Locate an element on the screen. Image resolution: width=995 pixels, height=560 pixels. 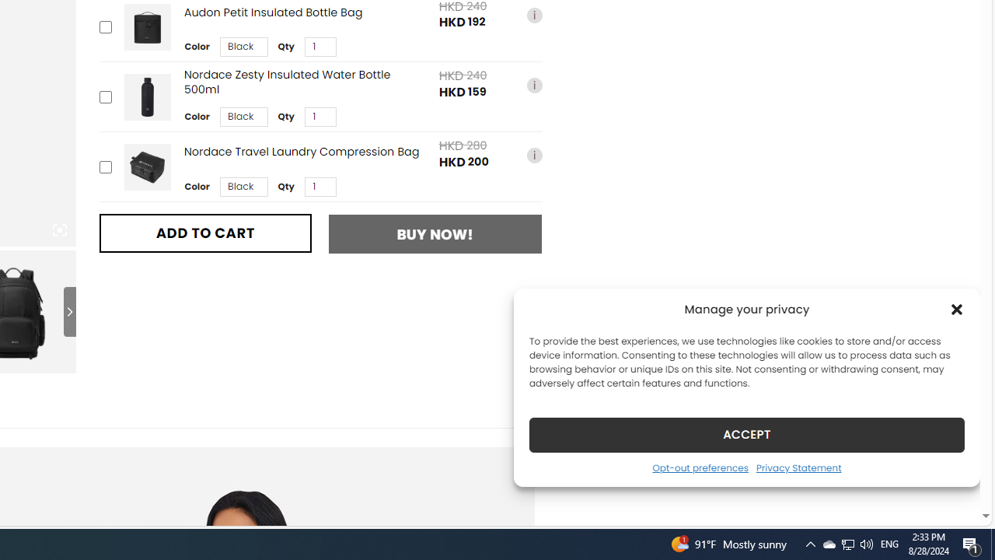
'Privacy Statement' is located at coordinates (798, 467).